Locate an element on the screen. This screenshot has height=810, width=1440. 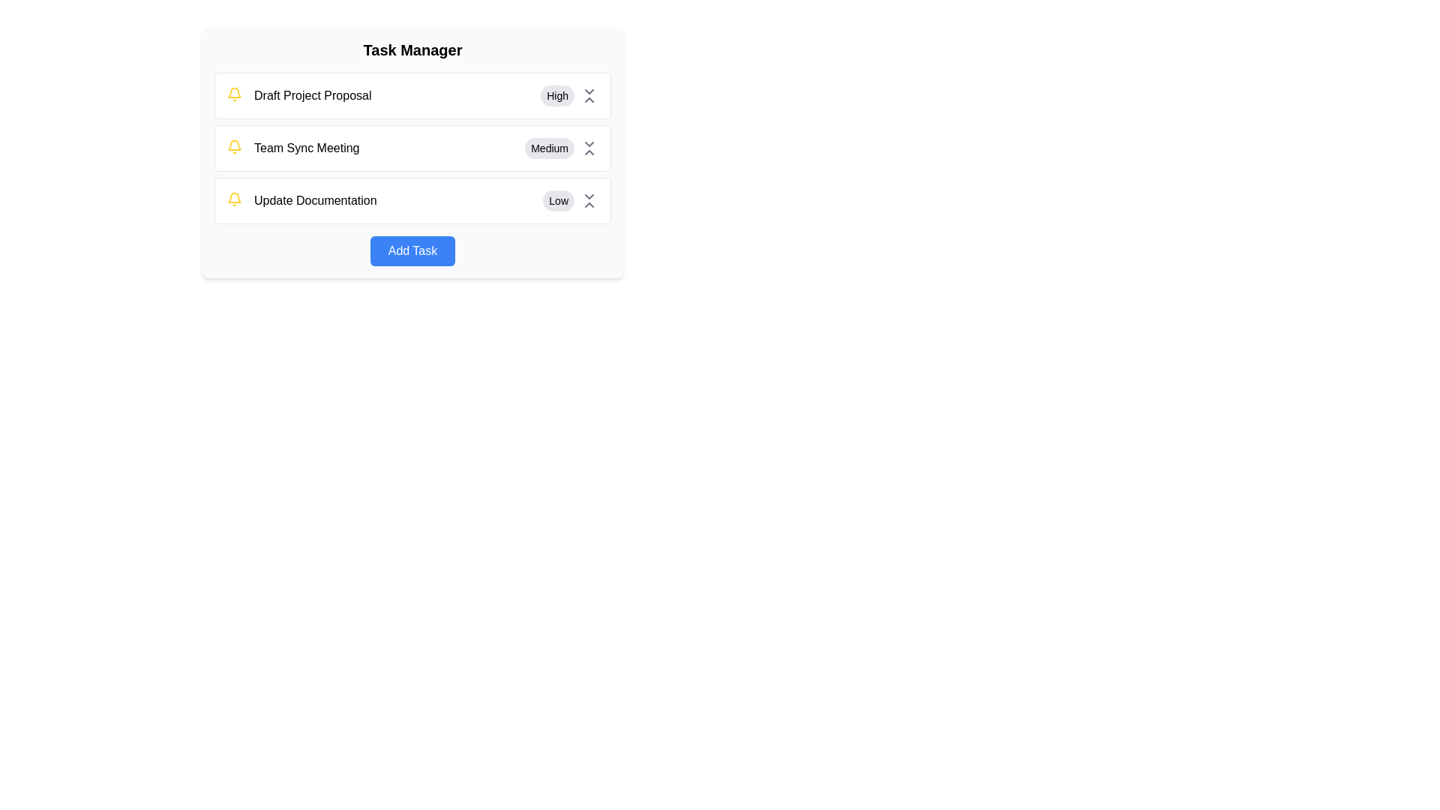
the interactive button of the second task entry in the task manager interface, which displays the task's title and priority is located at coordinates (412, 153).